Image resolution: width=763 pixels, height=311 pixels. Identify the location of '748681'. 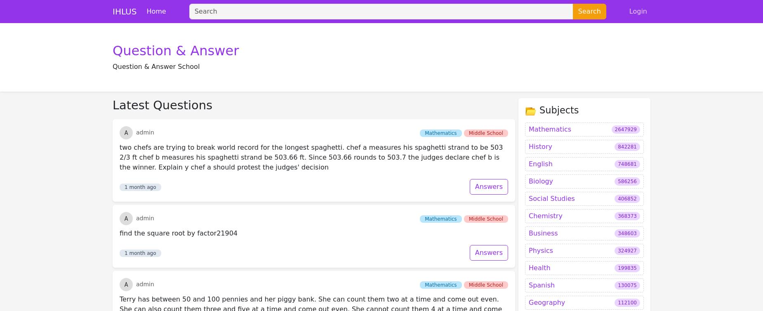
(627, 77).